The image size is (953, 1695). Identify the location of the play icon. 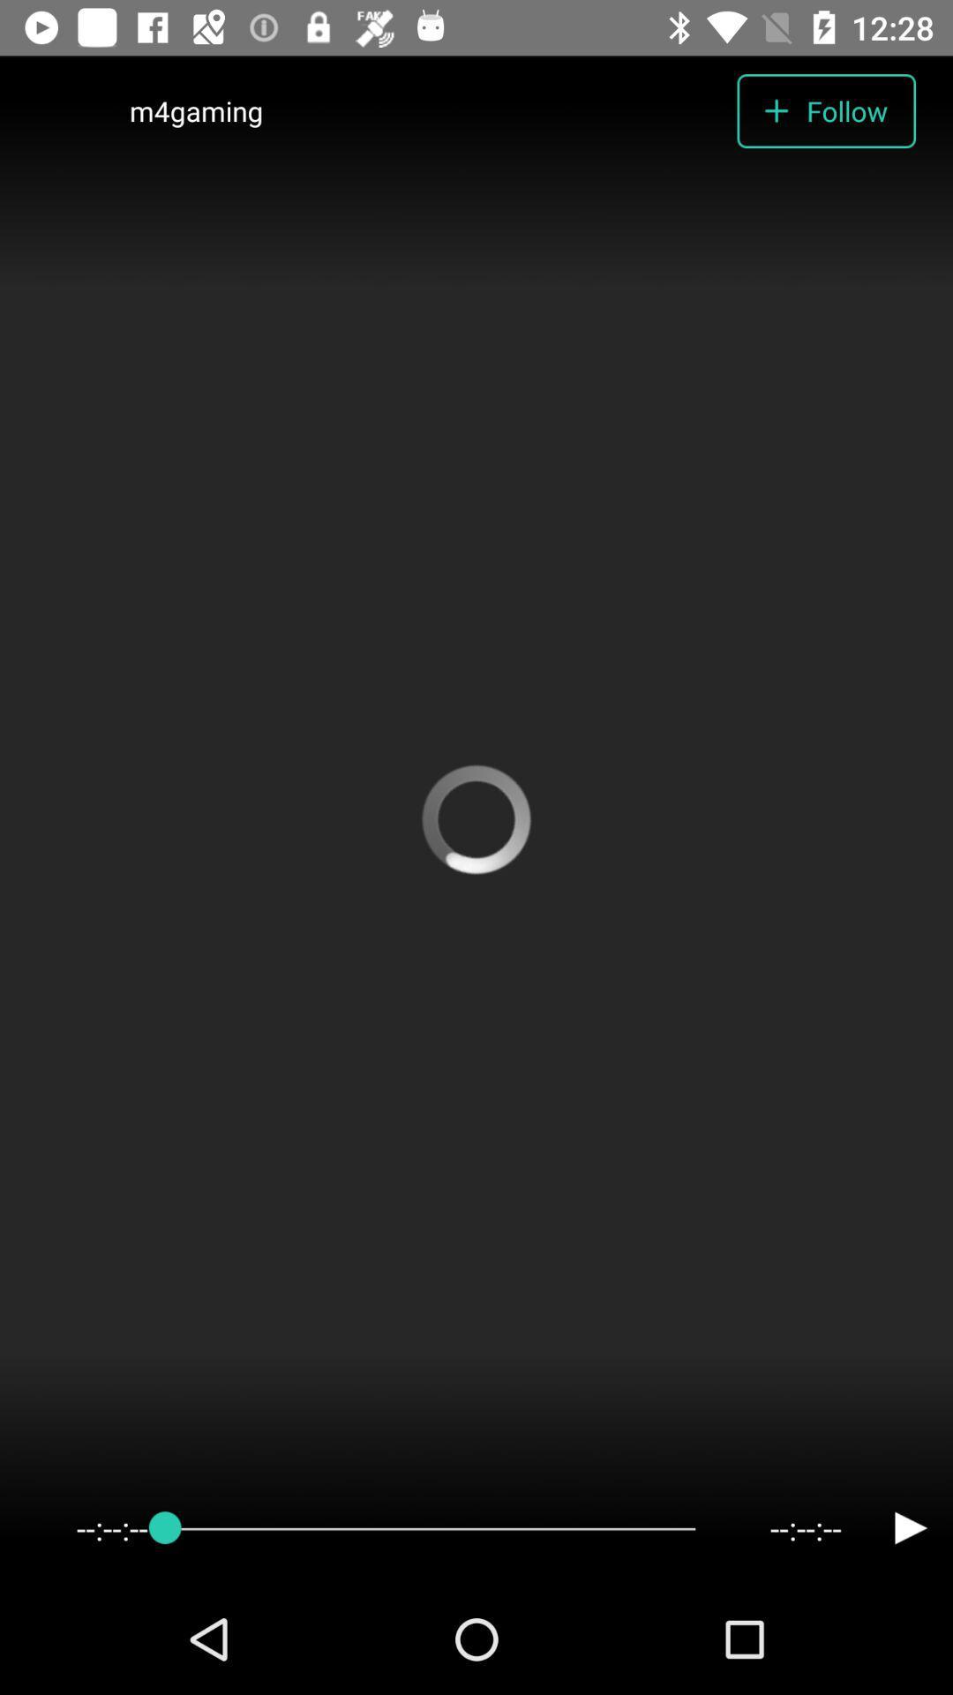
(906, 1527).